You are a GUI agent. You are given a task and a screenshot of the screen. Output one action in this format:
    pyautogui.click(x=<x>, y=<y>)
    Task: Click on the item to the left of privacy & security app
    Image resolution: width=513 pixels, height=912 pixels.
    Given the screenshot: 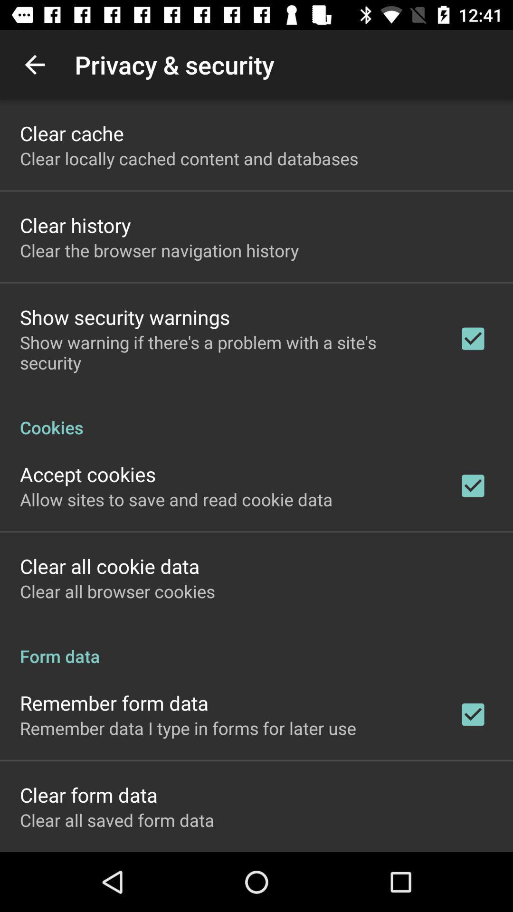 What is the action you would take?
    pyautogui.click(x=34, y=64)
    